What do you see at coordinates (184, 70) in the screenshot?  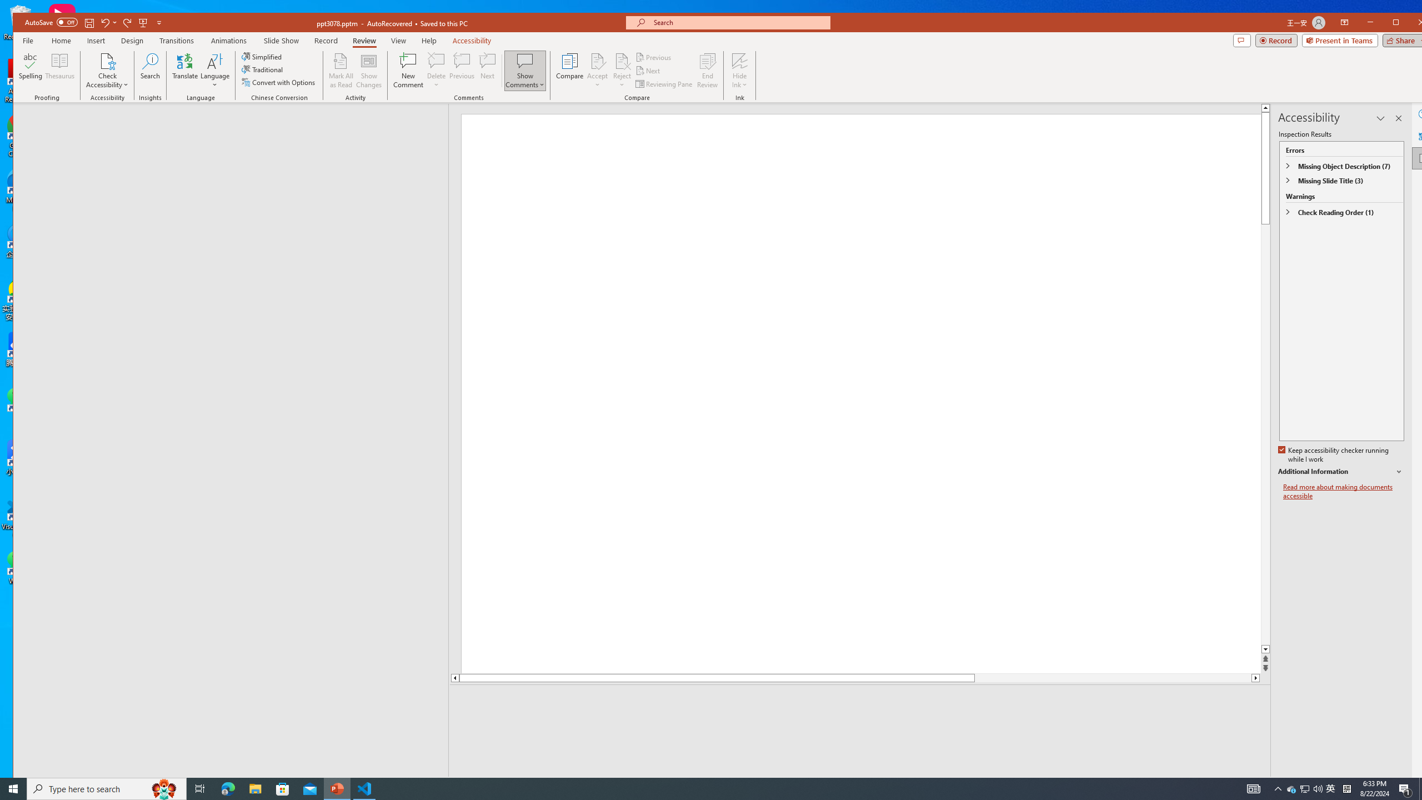 I see `'Translate'` at bounding box center [184, 70].